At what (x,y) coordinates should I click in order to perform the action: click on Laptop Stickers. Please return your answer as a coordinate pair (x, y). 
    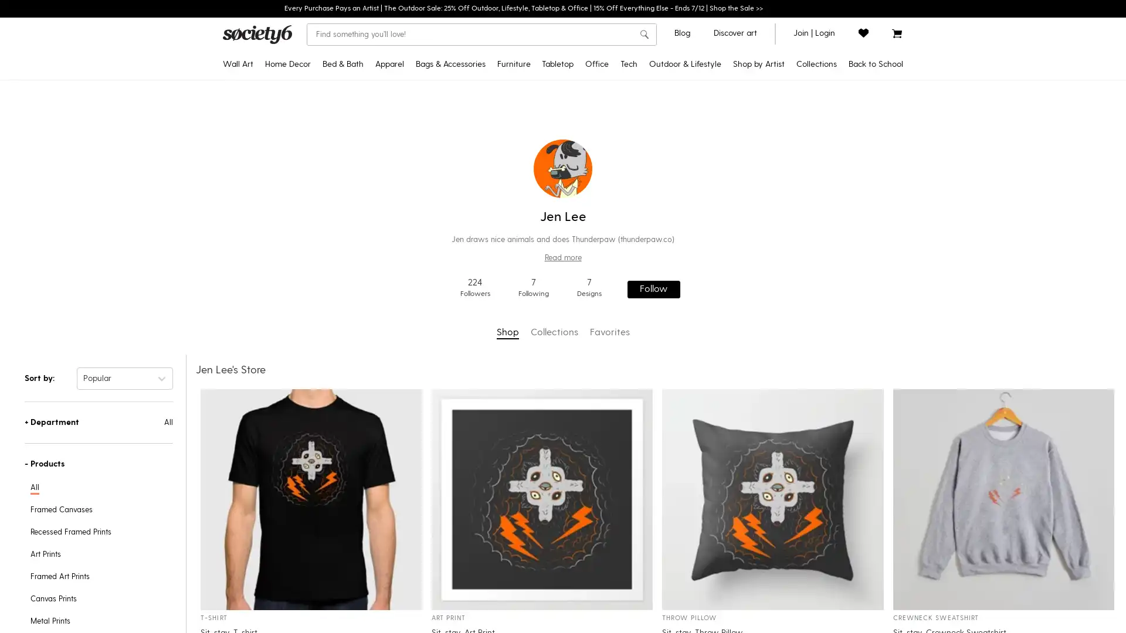
    Looking at the image, I should click on (670, 264).